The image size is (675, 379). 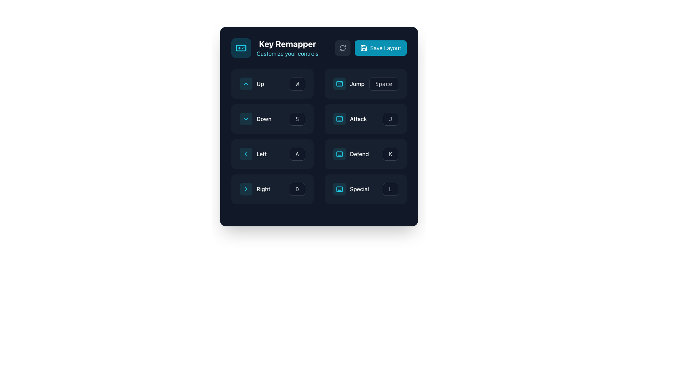 What do you see at coordinates (380, 48) in the screenshot?
I see `the save button located in the top-right section of the interface, adjacent to the 'Key Remapper' section, which is the second visible button from the right, to observe any visual feedback` at bounding box center [380, 48].